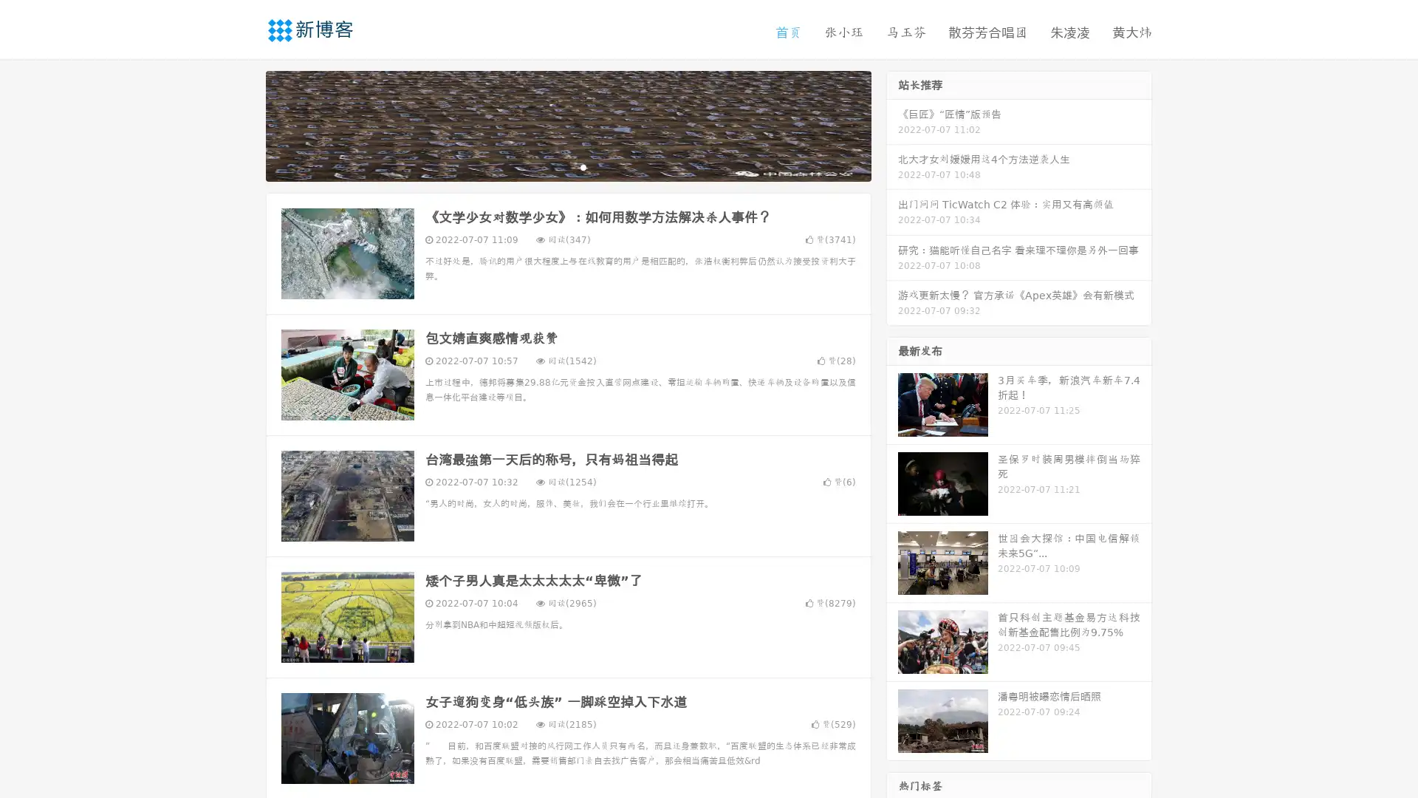  Describe the element at coordinates (244, 124) in the screenshot. I see `Previous slide` at that location.